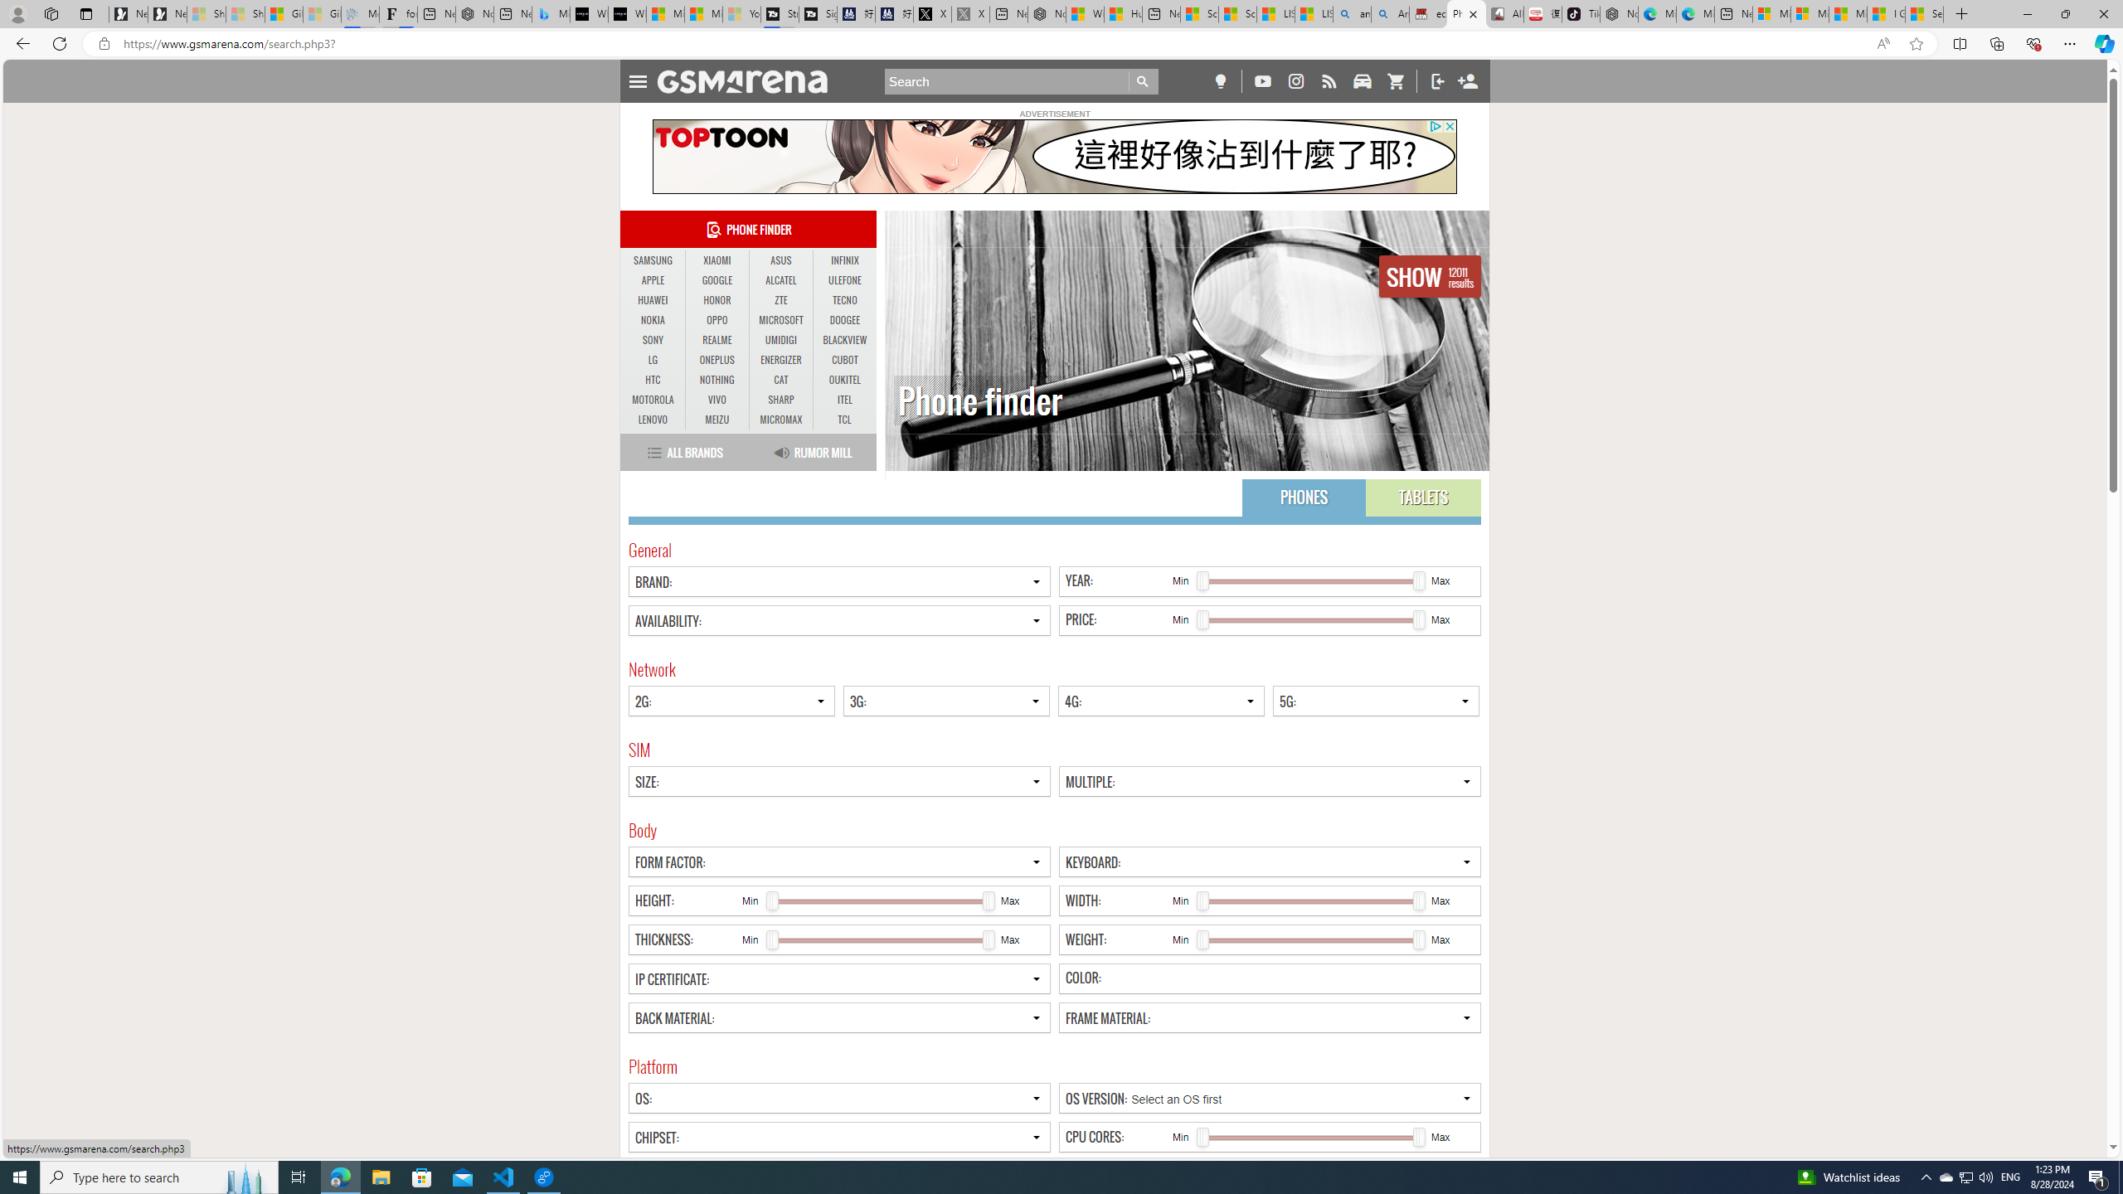 This screenshot has width=2123, height=1194. Describe the element at coordinates (1302, 498) in the screenshot. I see `'PHONES'` at that location.